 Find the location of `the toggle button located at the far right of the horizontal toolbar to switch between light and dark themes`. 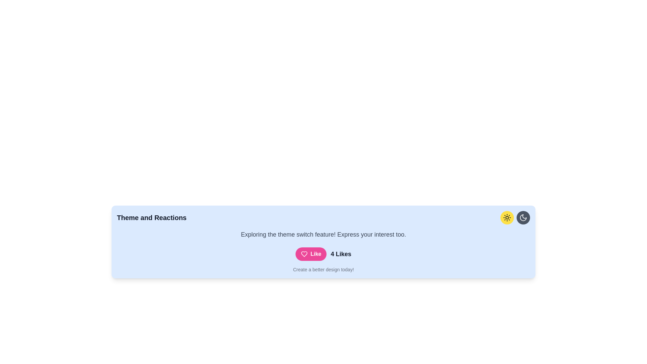

the toggle button located at the far right of the horizontal toolbar to switch between light and dark themes is located at coordinates (523, 217).